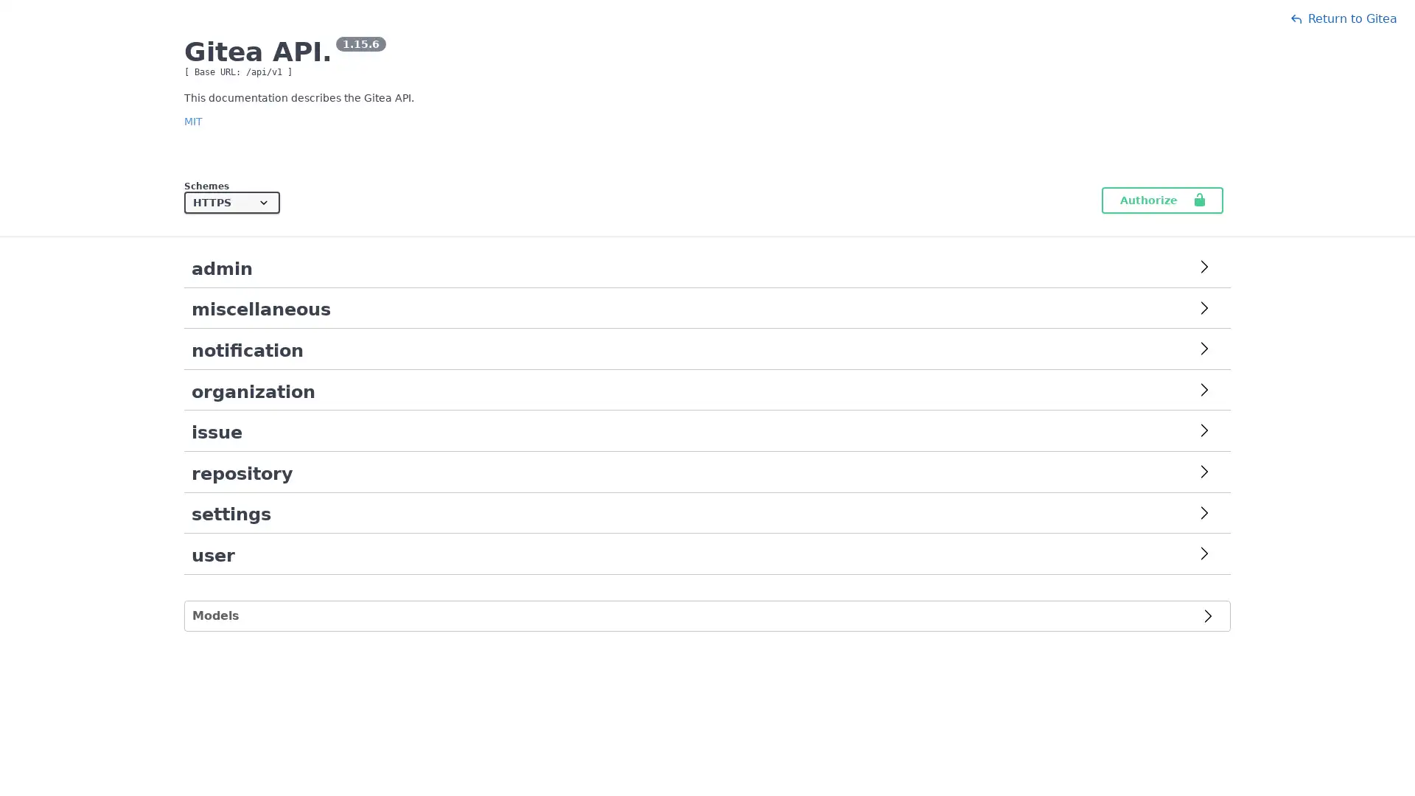  Describe the element at coordinates (1203, 268) in the screenshot. I see `Expand operation` at that location.